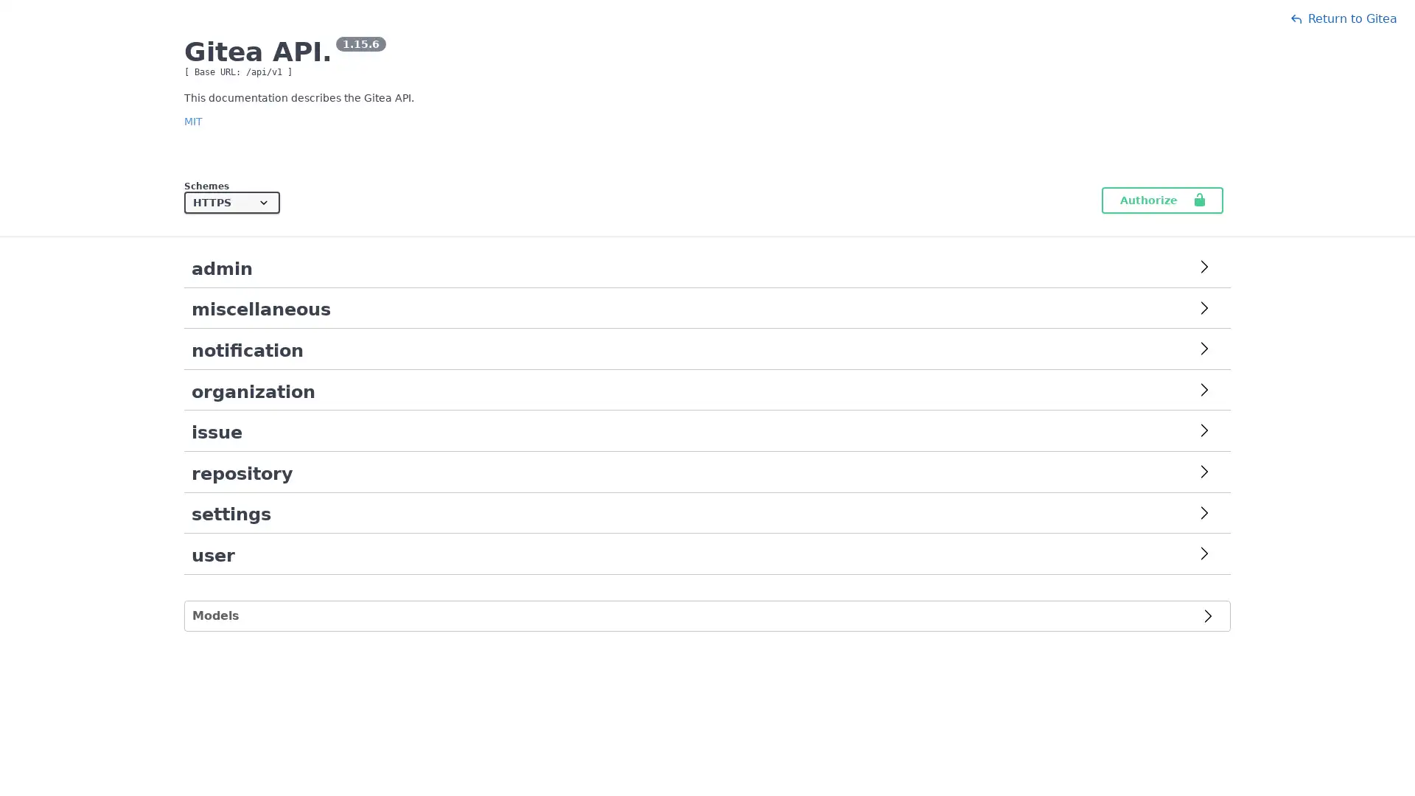  Describe the element at coordinates (1203, 268) in the screenshot. I see `Expand operation` at that location.